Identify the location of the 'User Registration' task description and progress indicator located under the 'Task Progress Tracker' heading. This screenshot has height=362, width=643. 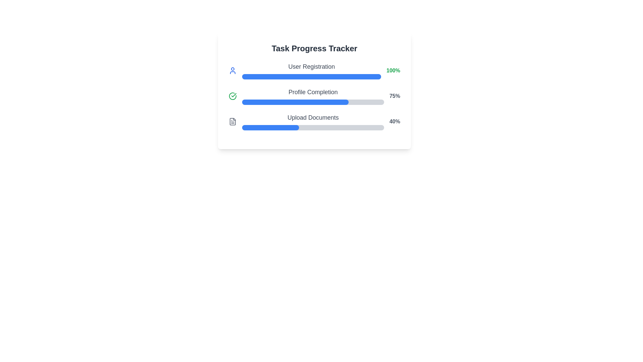
(311, 71).